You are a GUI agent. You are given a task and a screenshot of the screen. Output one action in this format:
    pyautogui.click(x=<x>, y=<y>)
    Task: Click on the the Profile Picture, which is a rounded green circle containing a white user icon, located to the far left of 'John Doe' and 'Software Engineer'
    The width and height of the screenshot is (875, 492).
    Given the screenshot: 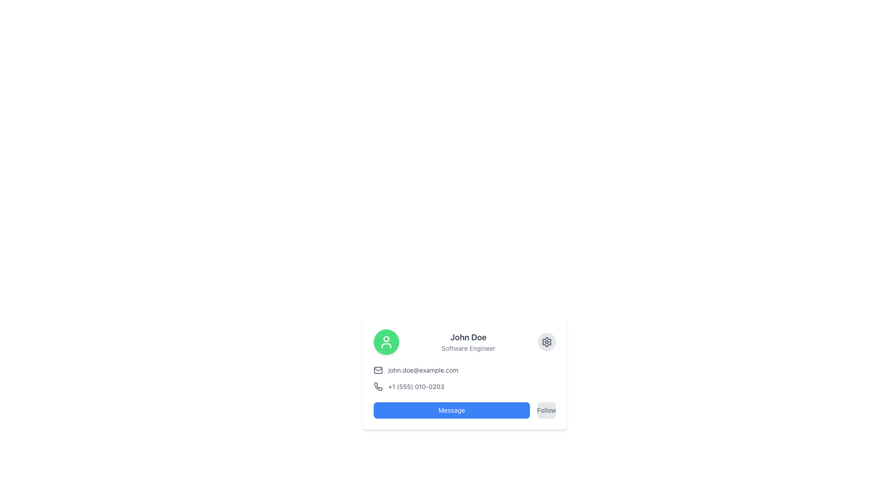 What is the action you would take?
    pyautogui.click(x=386, y=342)
    